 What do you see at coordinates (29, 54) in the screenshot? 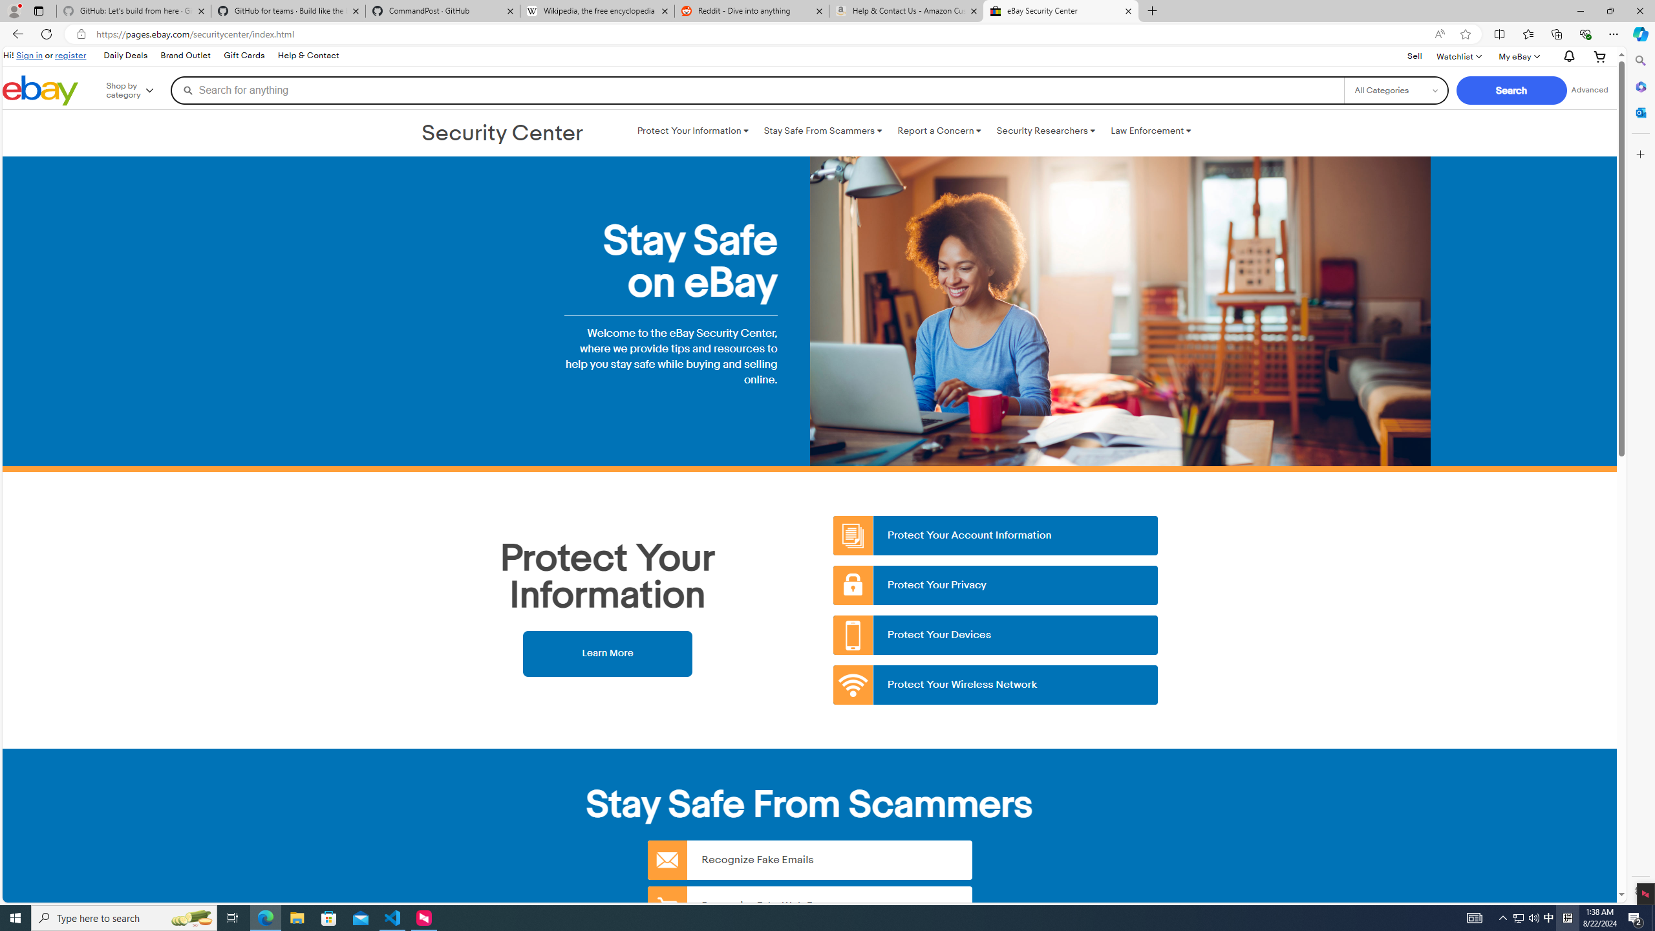
I see `'Sign in'` at bounding box center [29, 54].